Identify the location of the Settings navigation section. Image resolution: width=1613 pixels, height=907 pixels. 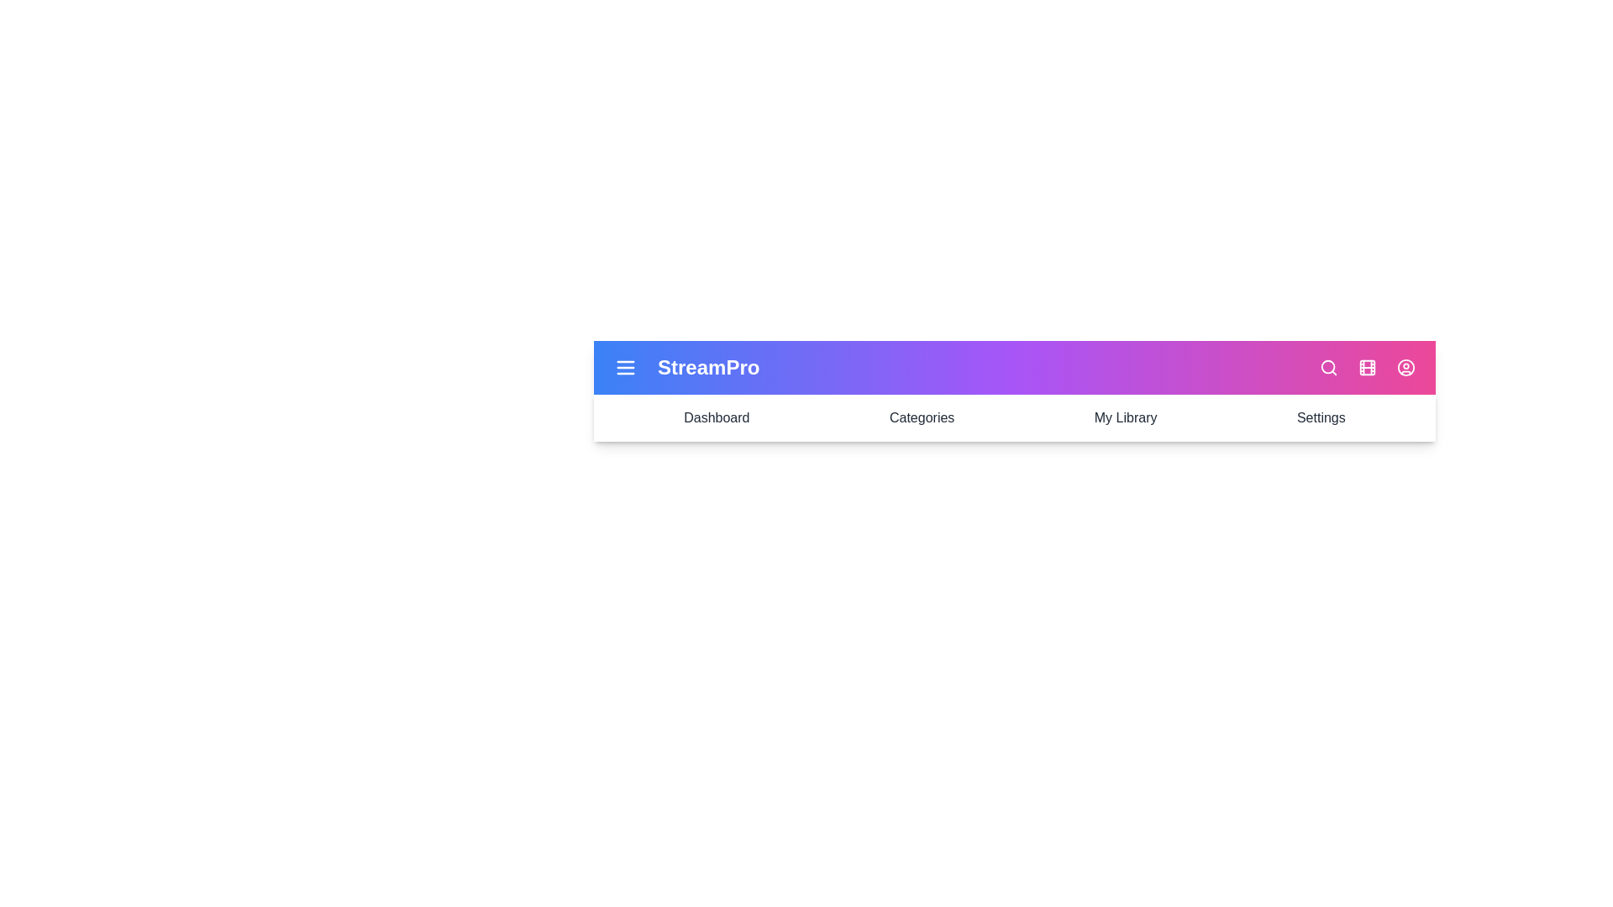
(1319, 417).